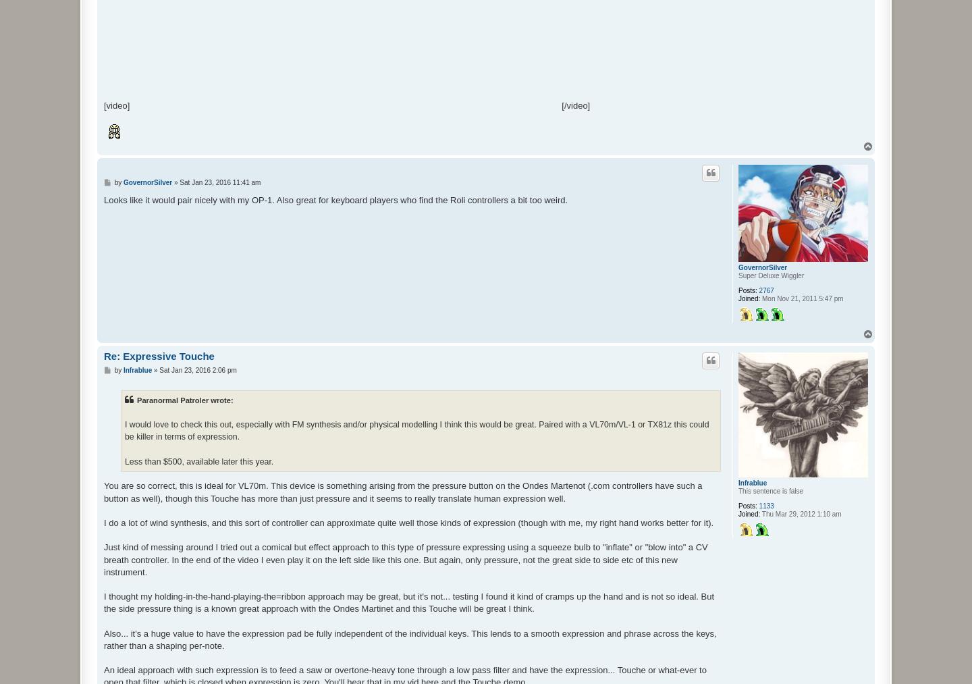 The image size is (972, 684). Describe the element at coordinates (198, 460) in the screenshot. I see `'Less than $500, available later this year.'` at that location.